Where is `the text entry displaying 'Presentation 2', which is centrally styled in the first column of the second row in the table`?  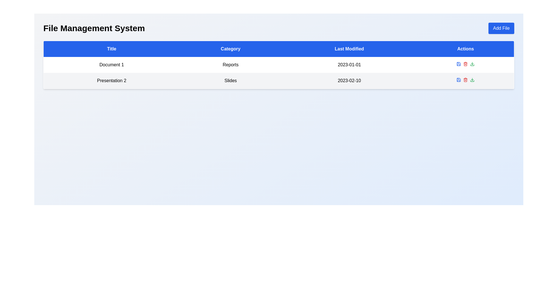
the text entry displaying 'Presentation 2', which is centrally styled in the first column of the second row in the table is located at coordinates (111, 81).